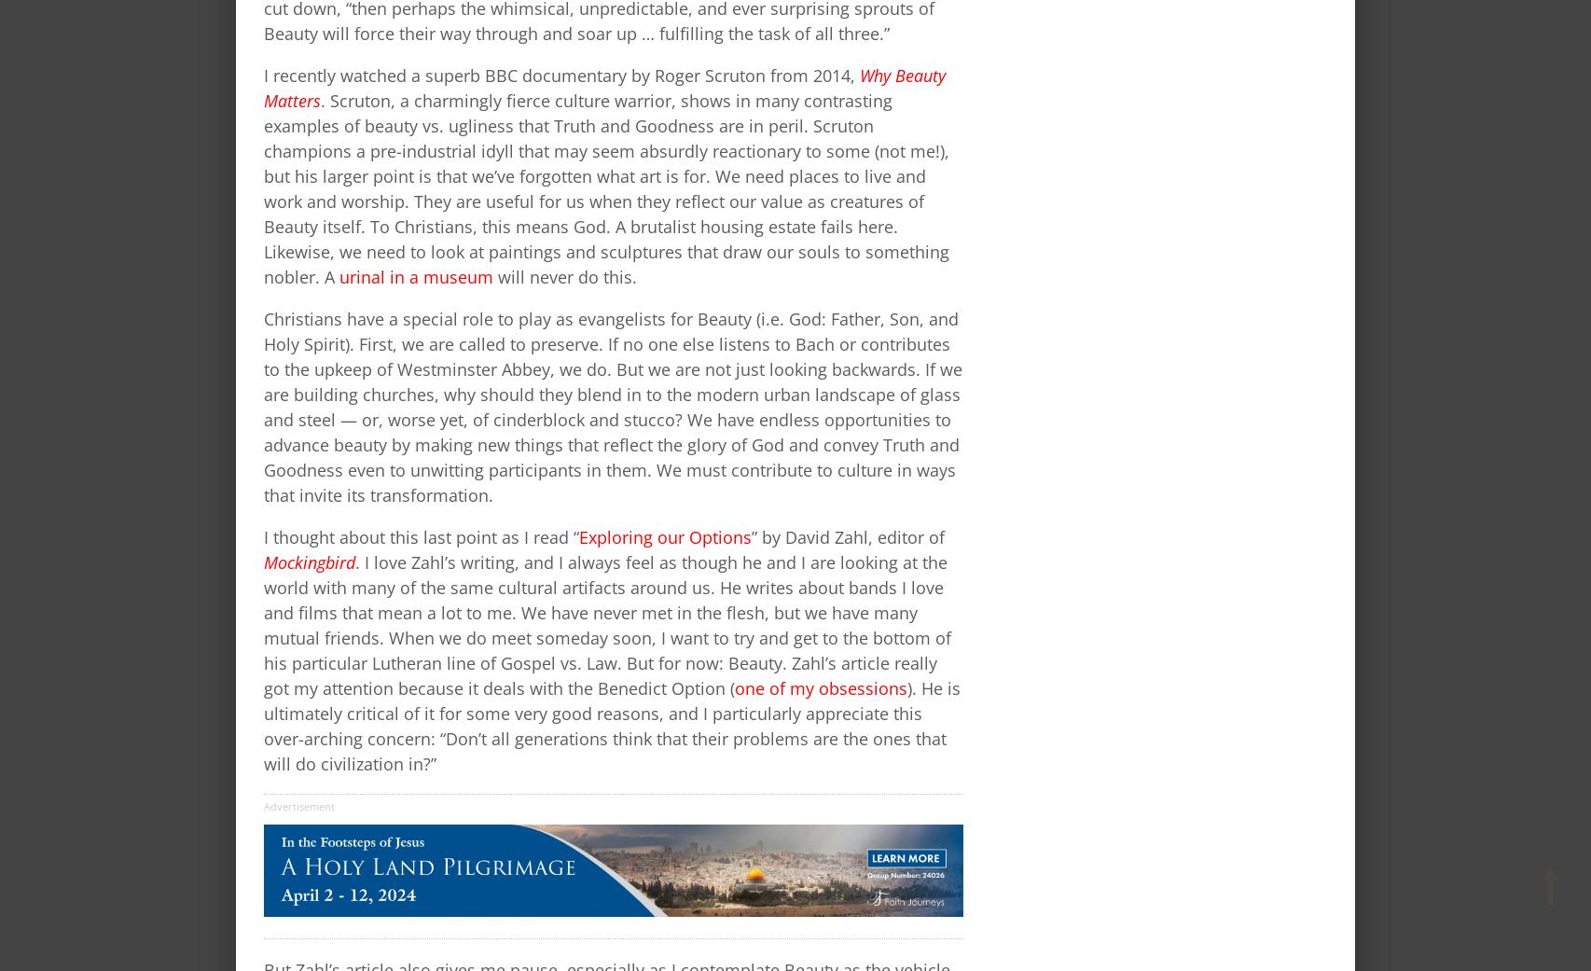 This screenshot has width=1591, height=971. Describe the element at coordinates (611, 725) in the screenshot. I see `'). He is ultimately critical of it for some very good reasons, and I particularly appreciate this over-arching concern: “Don’t all generations think that their problems are the ones that will do civilization in?”'` at that location.